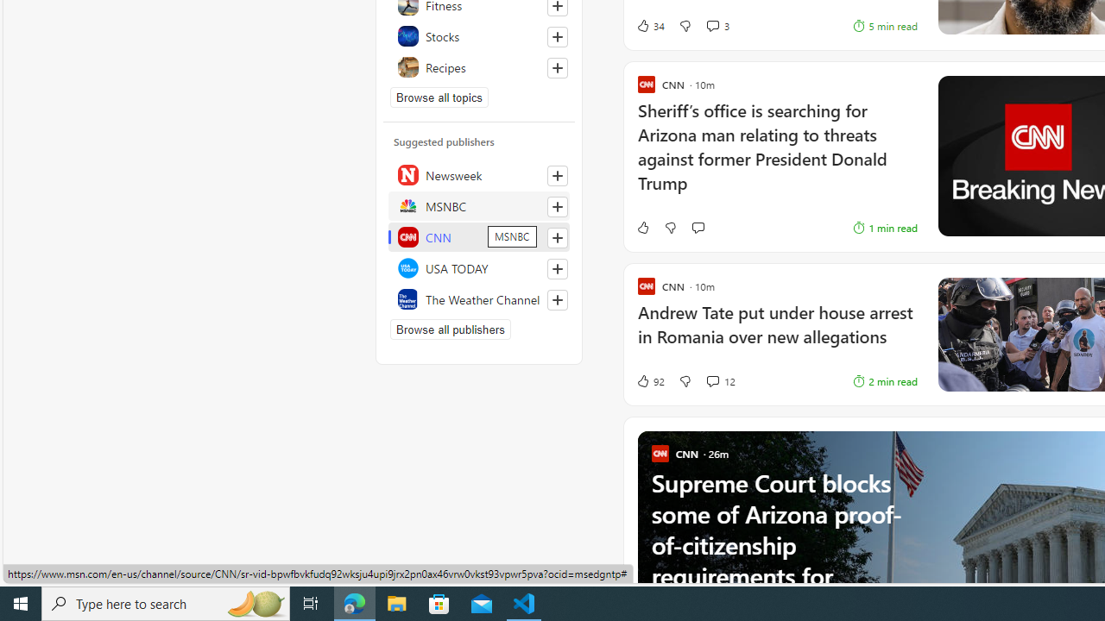 This screenshot has width=1105, height=621. Describe the element at coordinates (641, 227) in the screenshot. I see `'Like'` at that location.